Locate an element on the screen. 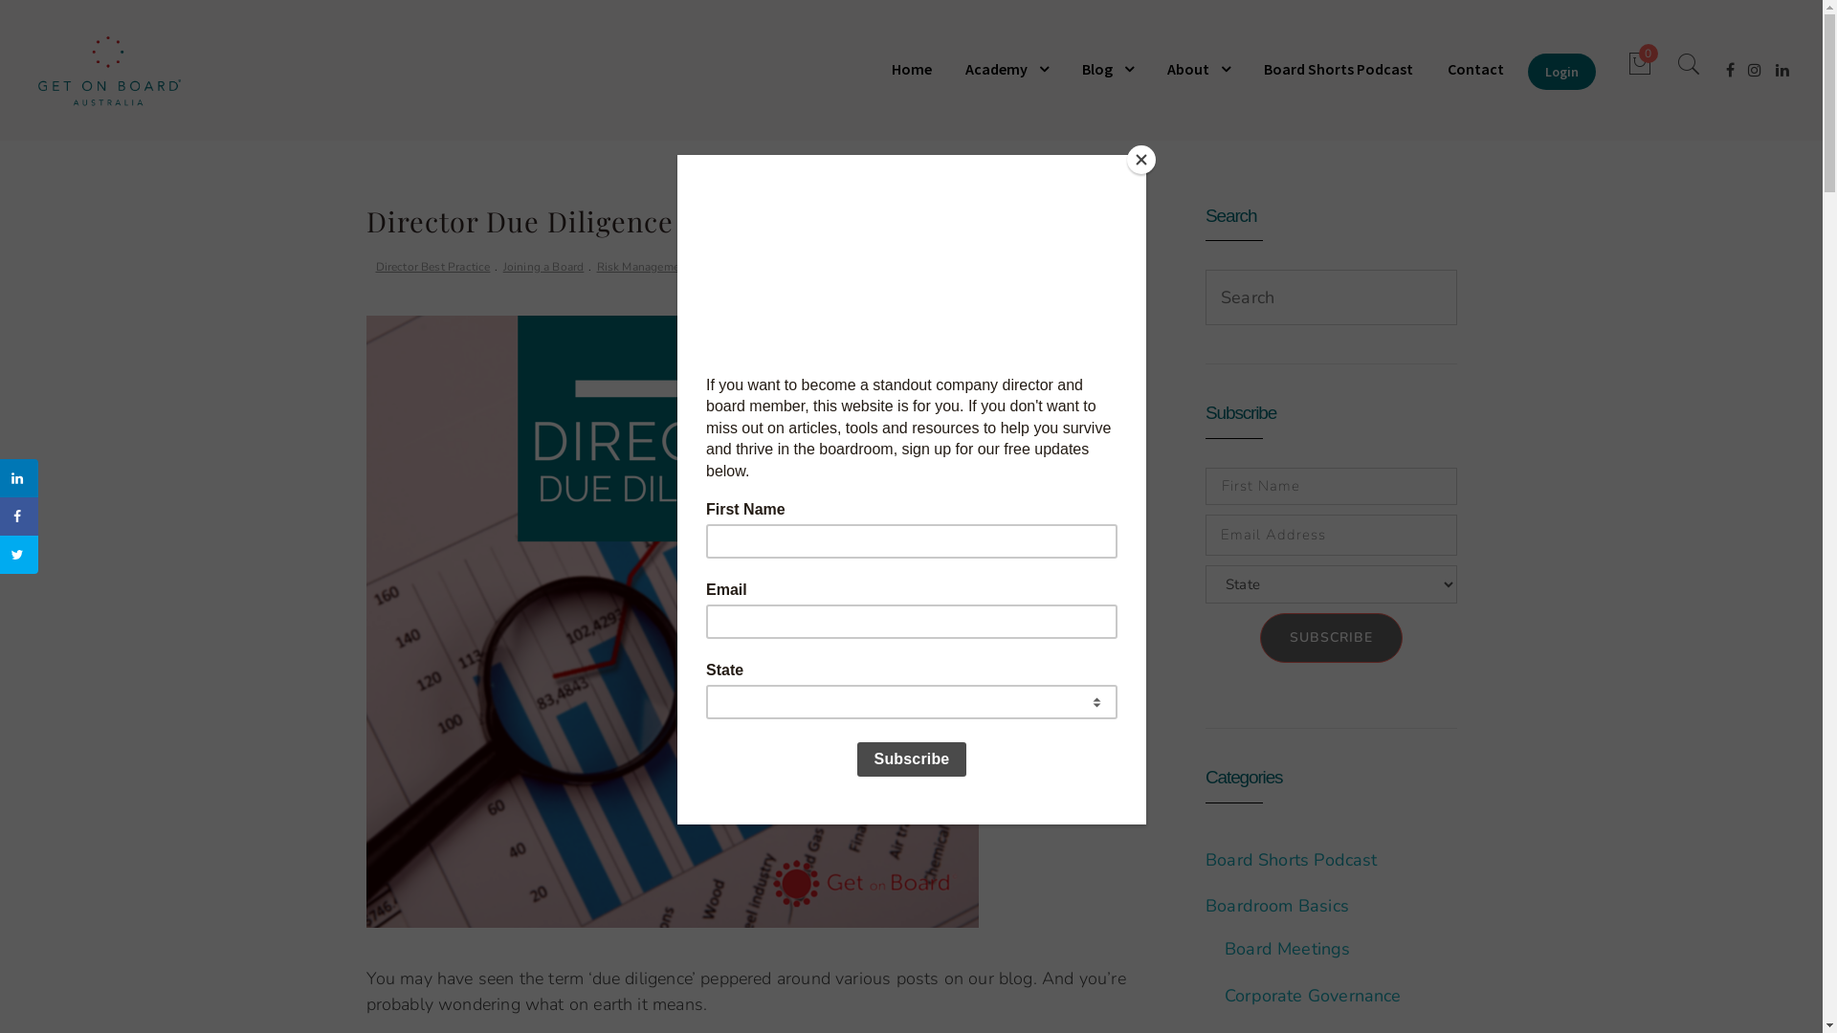 The height and width of the screenshot is (1033, 1837). 'Search for:' is located at coordinates (1206, 297).